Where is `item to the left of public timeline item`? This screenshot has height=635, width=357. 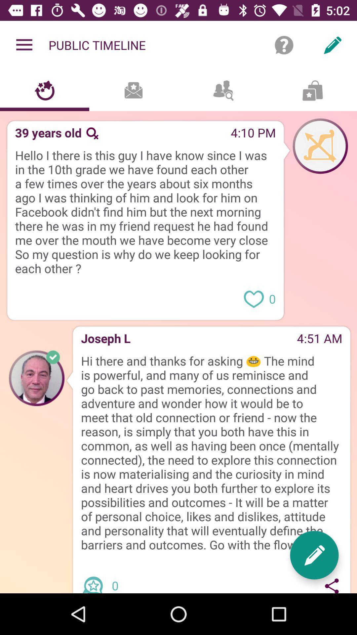 item to the left of public timeline item is located at coordinates (24, 45).